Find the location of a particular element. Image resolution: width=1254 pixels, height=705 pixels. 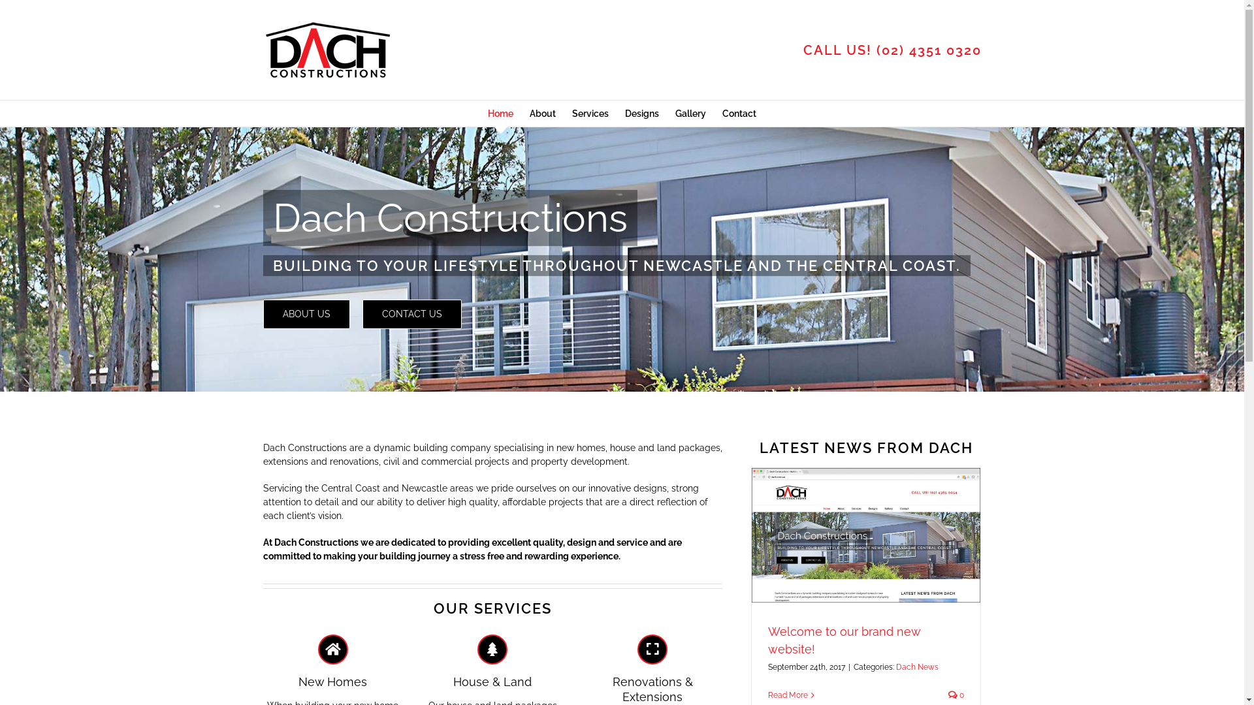

'Designs' is located at coordinates (624, 112).